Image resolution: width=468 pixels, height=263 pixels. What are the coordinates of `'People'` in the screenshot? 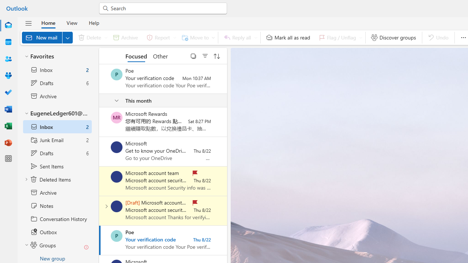 It's located at (8, 59).